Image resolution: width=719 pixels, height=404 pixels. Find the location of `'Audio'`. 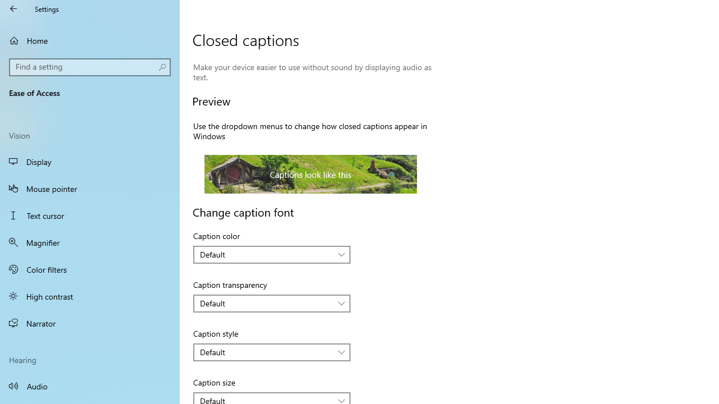

'Audio' is located at coordinates (90, 385).